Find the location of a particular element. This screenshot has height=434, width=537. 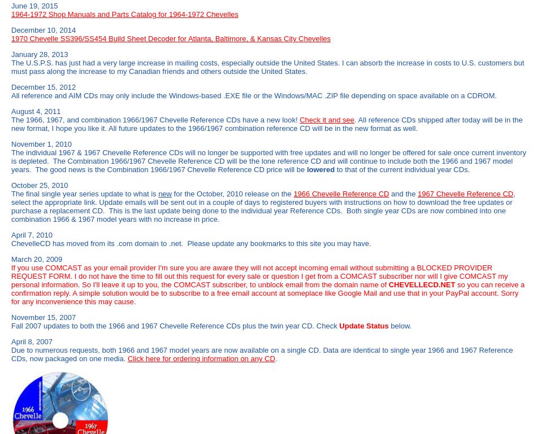

'The U.S.P.S. has just had a very large increase in mailing costs, especially outside the United States. I can absorb the increase in costs to U.S. customers but must pass along the increase to my Canadian friends and others outside the United States.' is located at coordinates (11, 67).